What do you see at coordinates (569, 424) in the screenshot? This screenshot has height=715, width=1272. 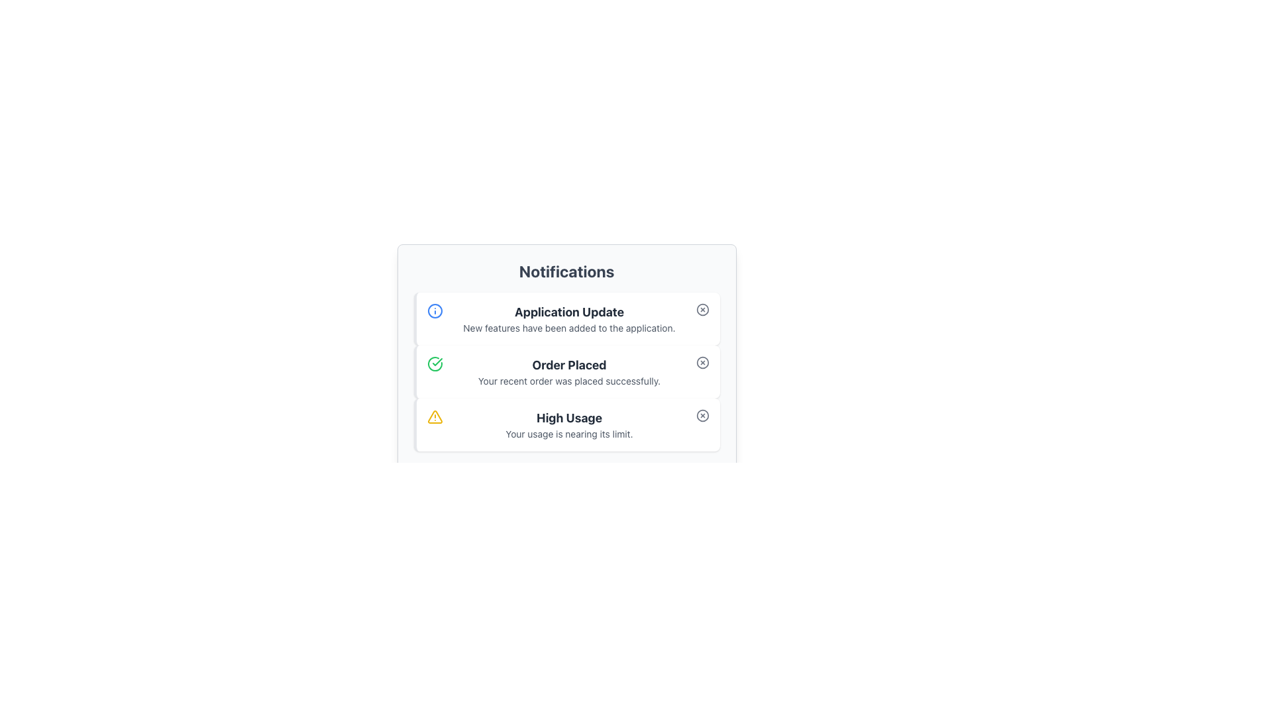 I see `the third notification item in the notification panel that alerts the user about high consumption or nearing limits in usage` at bounding box center [569, 424].